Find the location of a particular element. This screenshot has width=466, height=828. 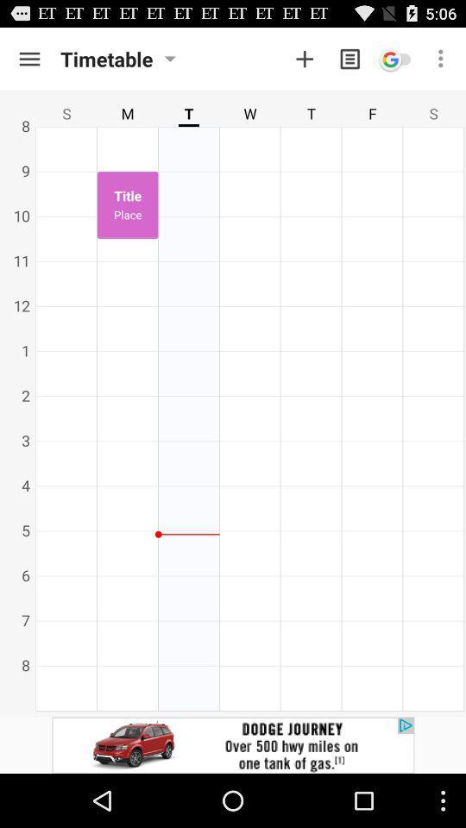

advertisement box is located at coordinates (233, 744).